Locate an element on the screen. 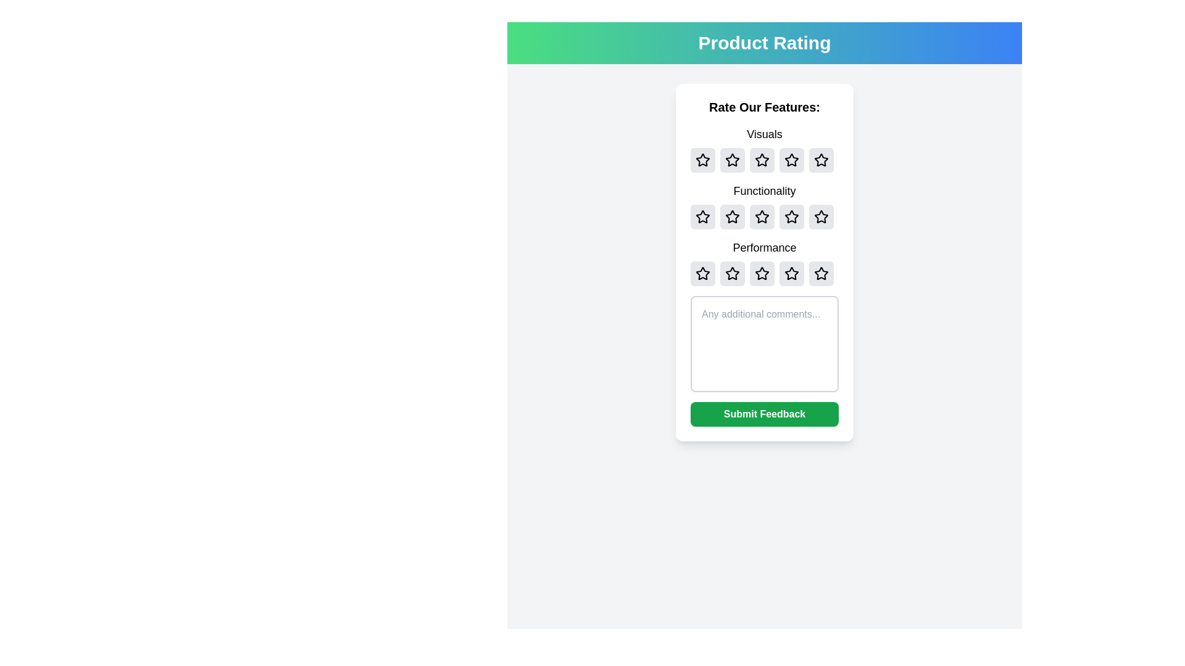 The image size is (1185, 666). the star rating icon located in the second row, second column under the 'Functionality' section is located at coordinates (732, 216).